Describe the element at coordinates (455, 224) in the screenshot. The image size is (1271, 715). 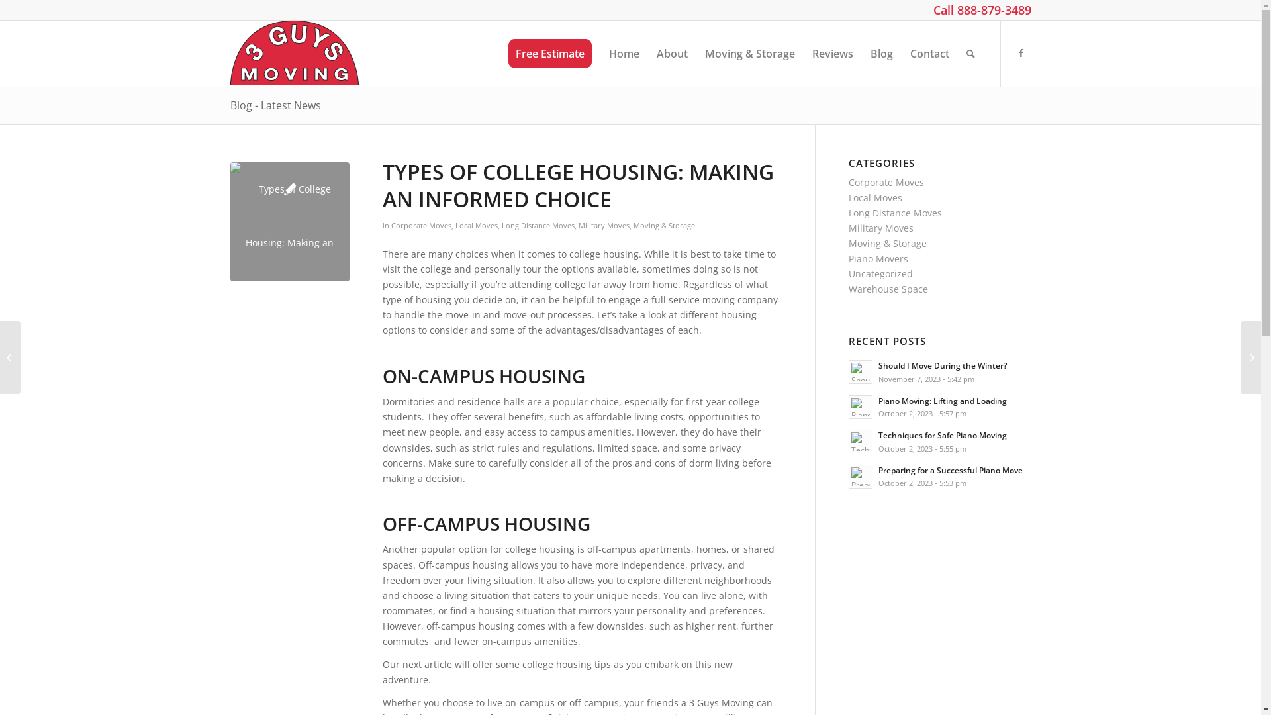
I see `'Local Moves'` at that location.